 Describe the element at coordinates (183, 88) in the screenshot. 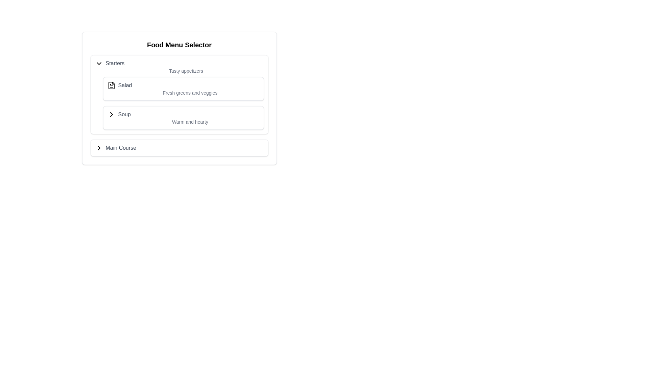

I see `the 'Salad' menu item in the 'Starters' section` at that location.